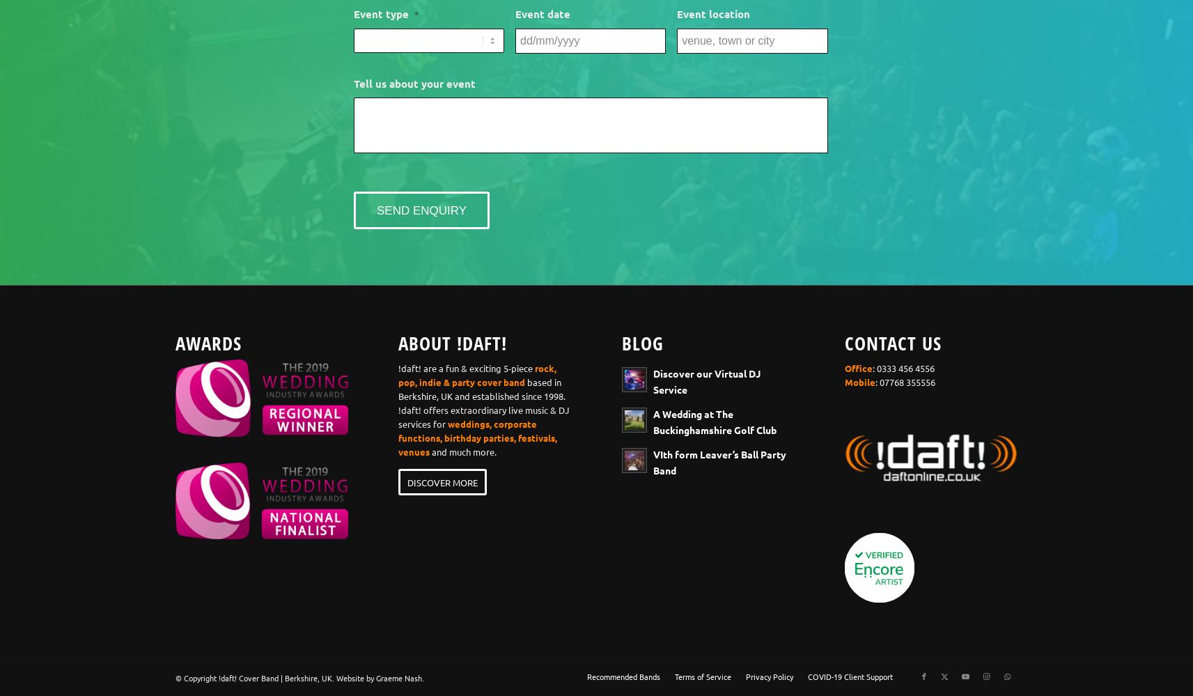 The image size is (1193, 696). Describe the element at coordinates (905, 381) in the screenshot. I see `': 07768 355556'` at that location.